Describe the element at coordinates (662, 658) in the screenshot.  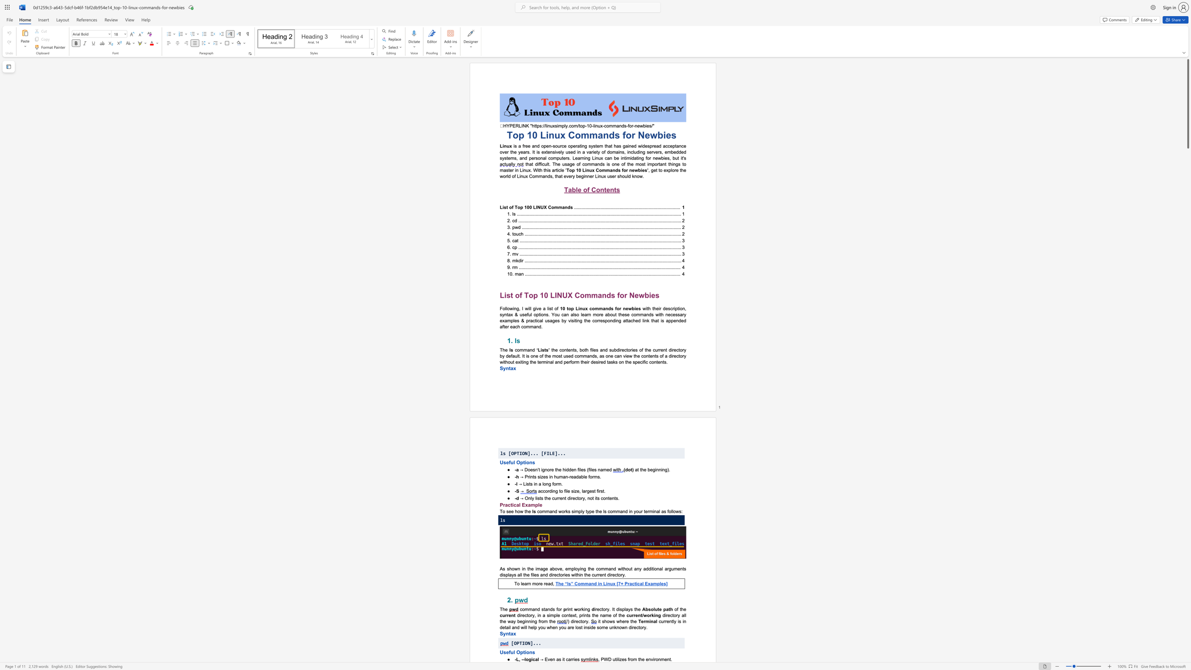
I see `the 2th character "m" in the text` at that location.